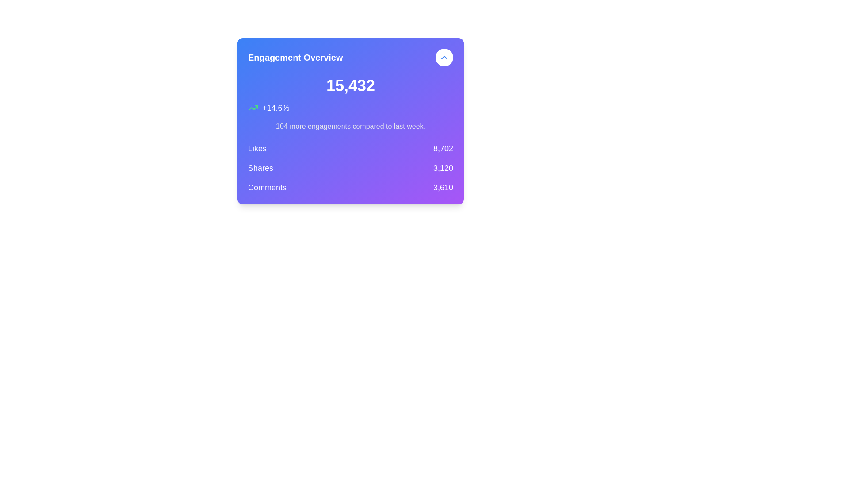  I want to click on the circular button with a white background and blue chevron located in the top-right corner of the 'Engagement Overview' card, so click(444, 58).